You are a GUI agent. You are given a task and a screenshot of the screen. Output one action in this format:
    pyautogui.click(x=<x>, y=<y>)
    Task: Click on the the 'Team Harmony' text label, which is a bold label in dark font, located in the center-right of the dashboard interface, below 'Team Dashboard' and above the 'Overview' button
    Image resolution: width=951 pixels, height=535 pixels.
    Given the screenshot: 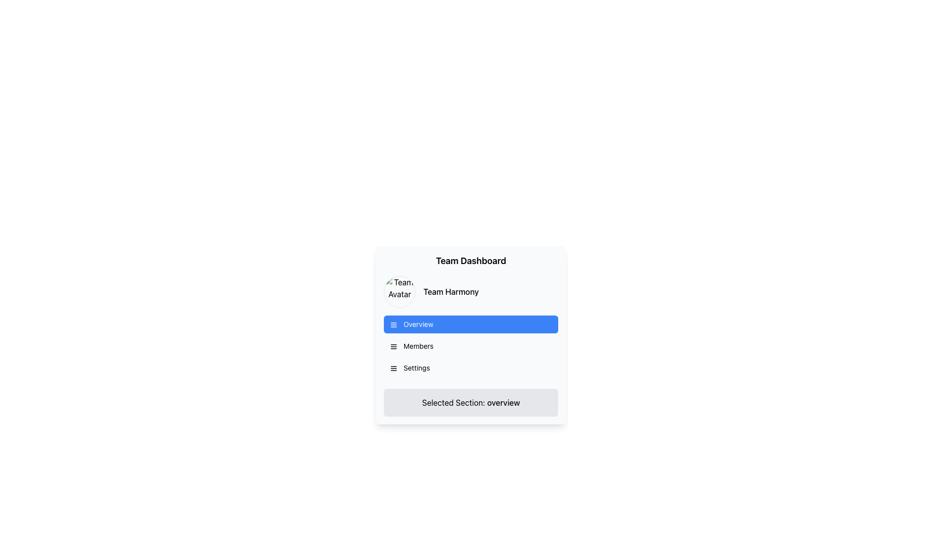 What is the action you would take?
    pyautogui.click(x=450, y=291)
    